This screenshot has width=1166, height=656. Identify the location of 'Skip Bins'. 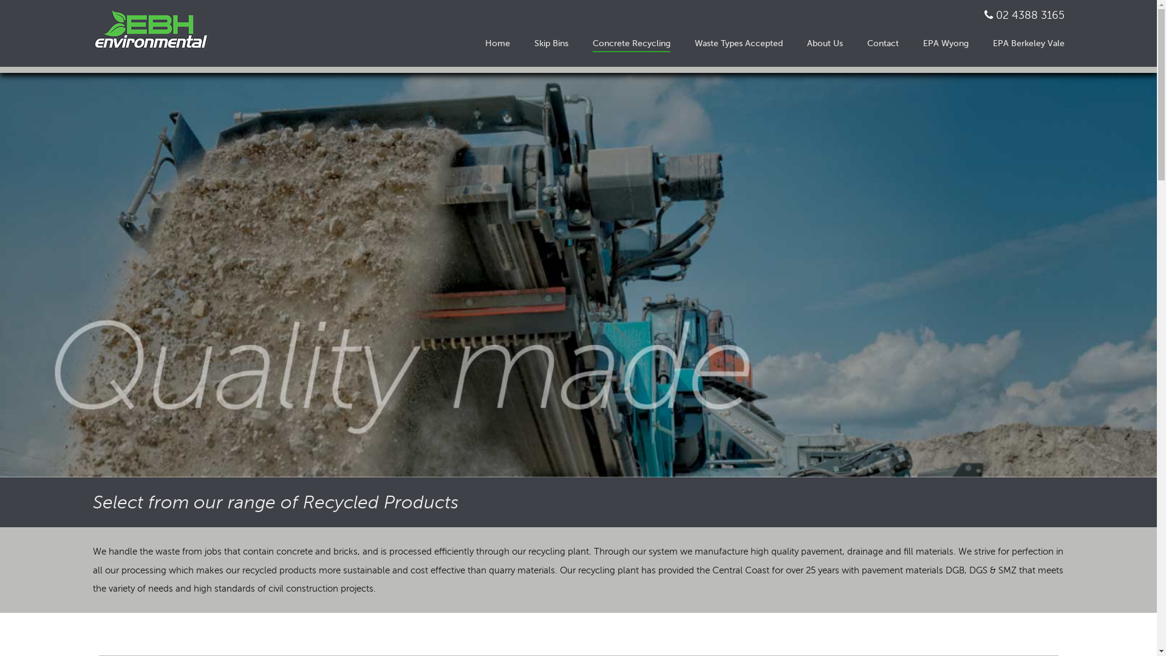
(550, 43).